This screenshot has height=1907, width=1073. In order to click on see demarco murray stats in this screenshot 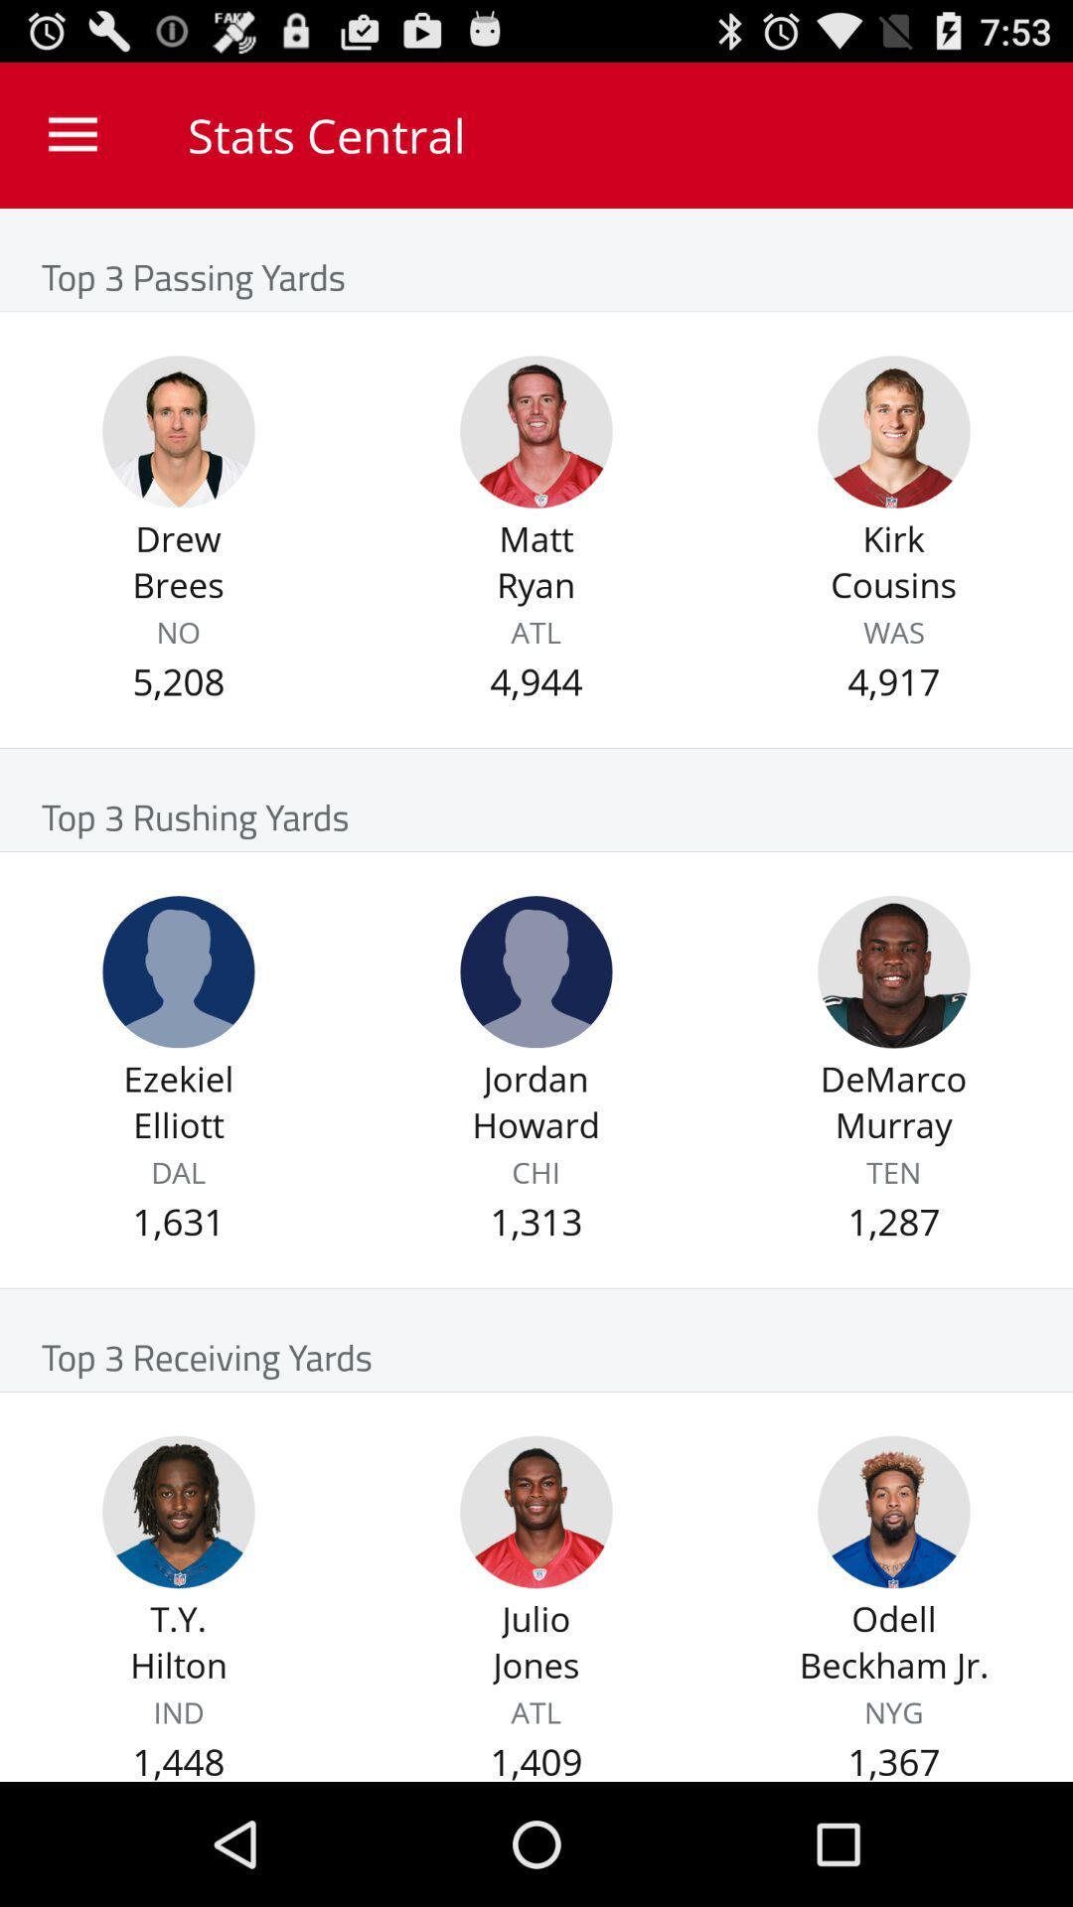, I will do `click(892, 971)`.